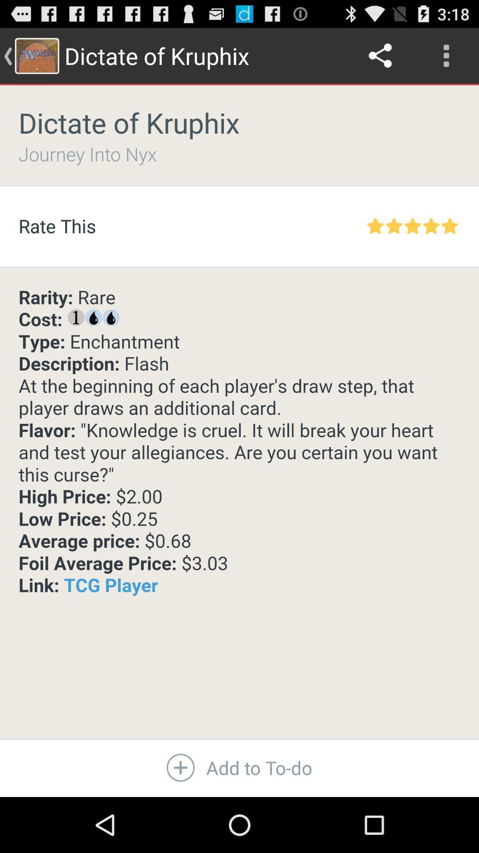  I want to click on the item next to dictate of kruphix app, so click(381, 55).